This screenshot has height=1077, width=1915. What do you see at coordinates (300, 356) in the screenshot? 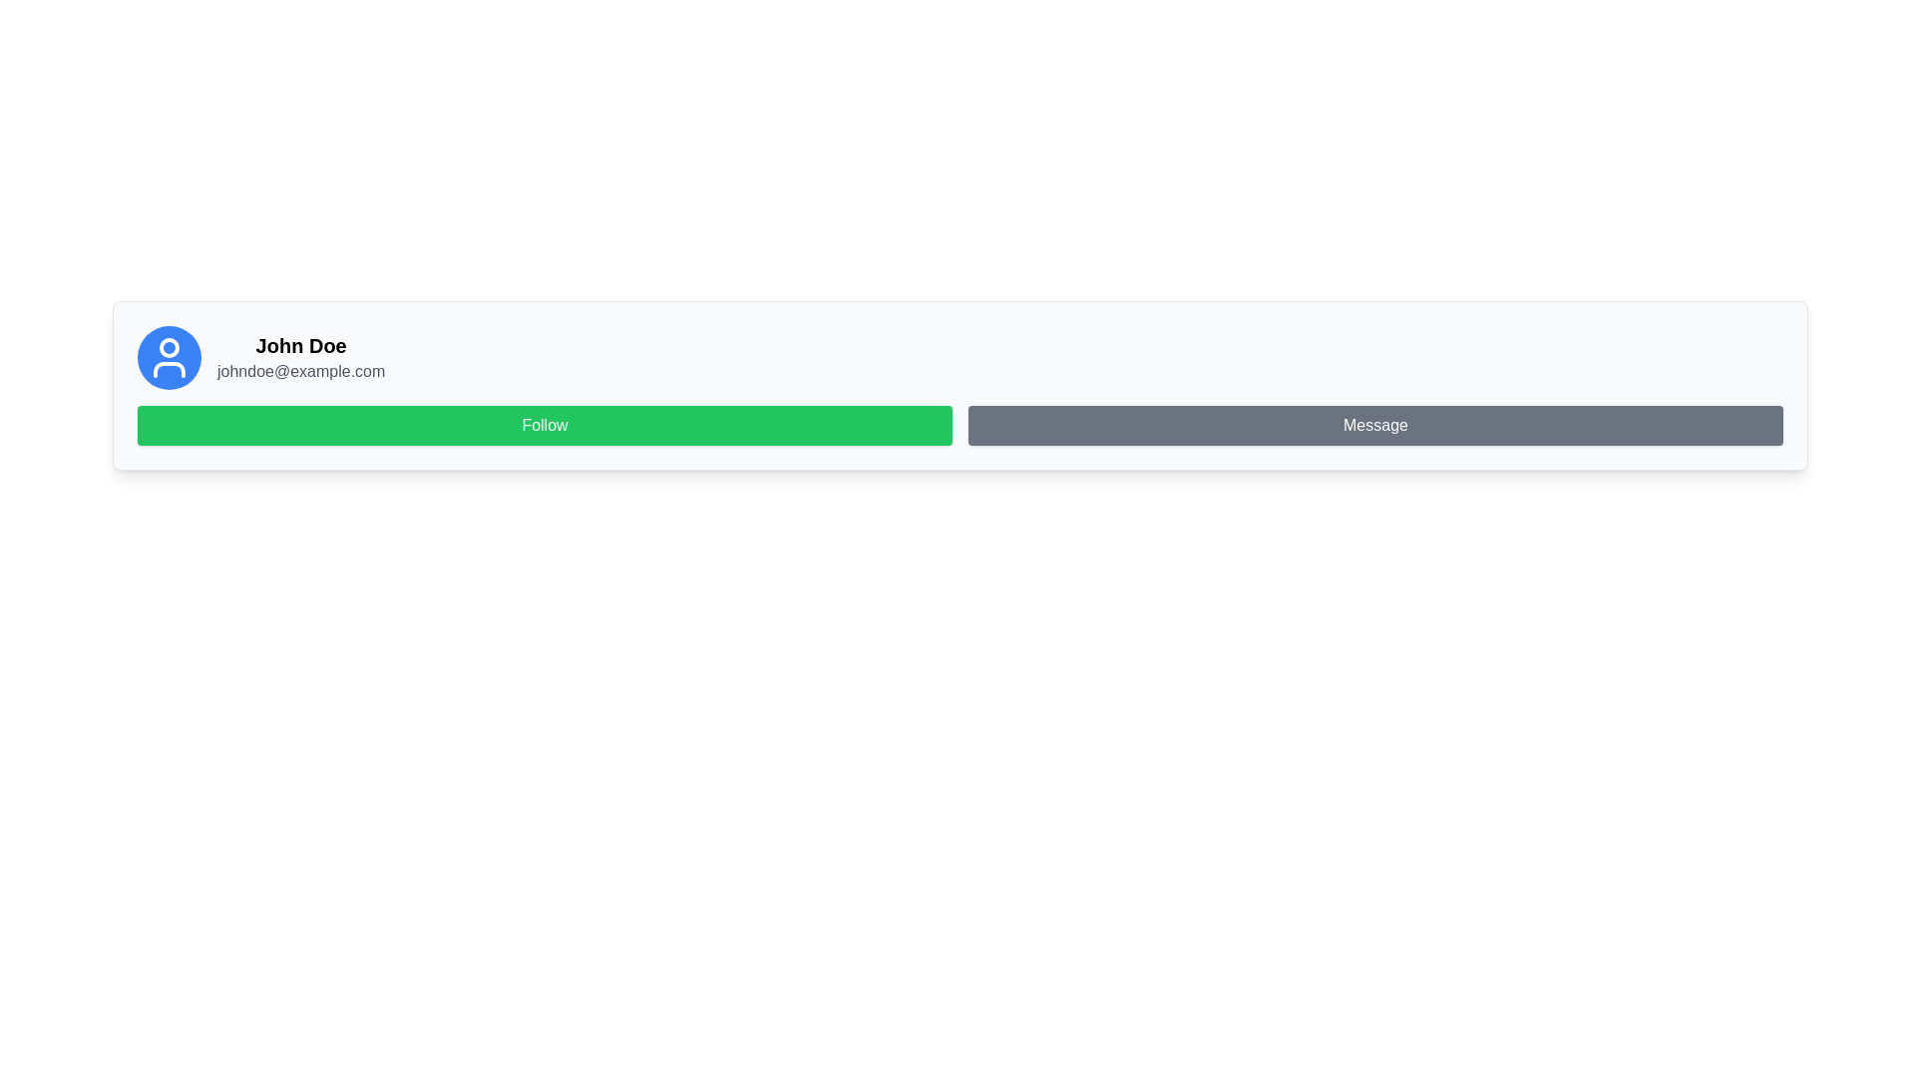
I see `the text display showing 'John Doe' and 'johndoe@example.com', which is located to the right of a blue background user icon` at bounding box center [300, 356].